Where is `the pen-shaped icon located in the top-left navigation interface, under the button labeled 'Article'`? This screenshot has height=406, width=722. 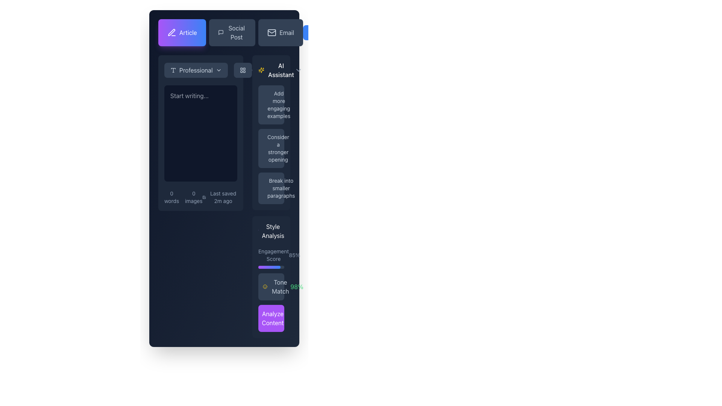
the pen-shaped icon located in the top-left navigation interface, under the button labeled 'Article' is located at coordinates (171, 32).